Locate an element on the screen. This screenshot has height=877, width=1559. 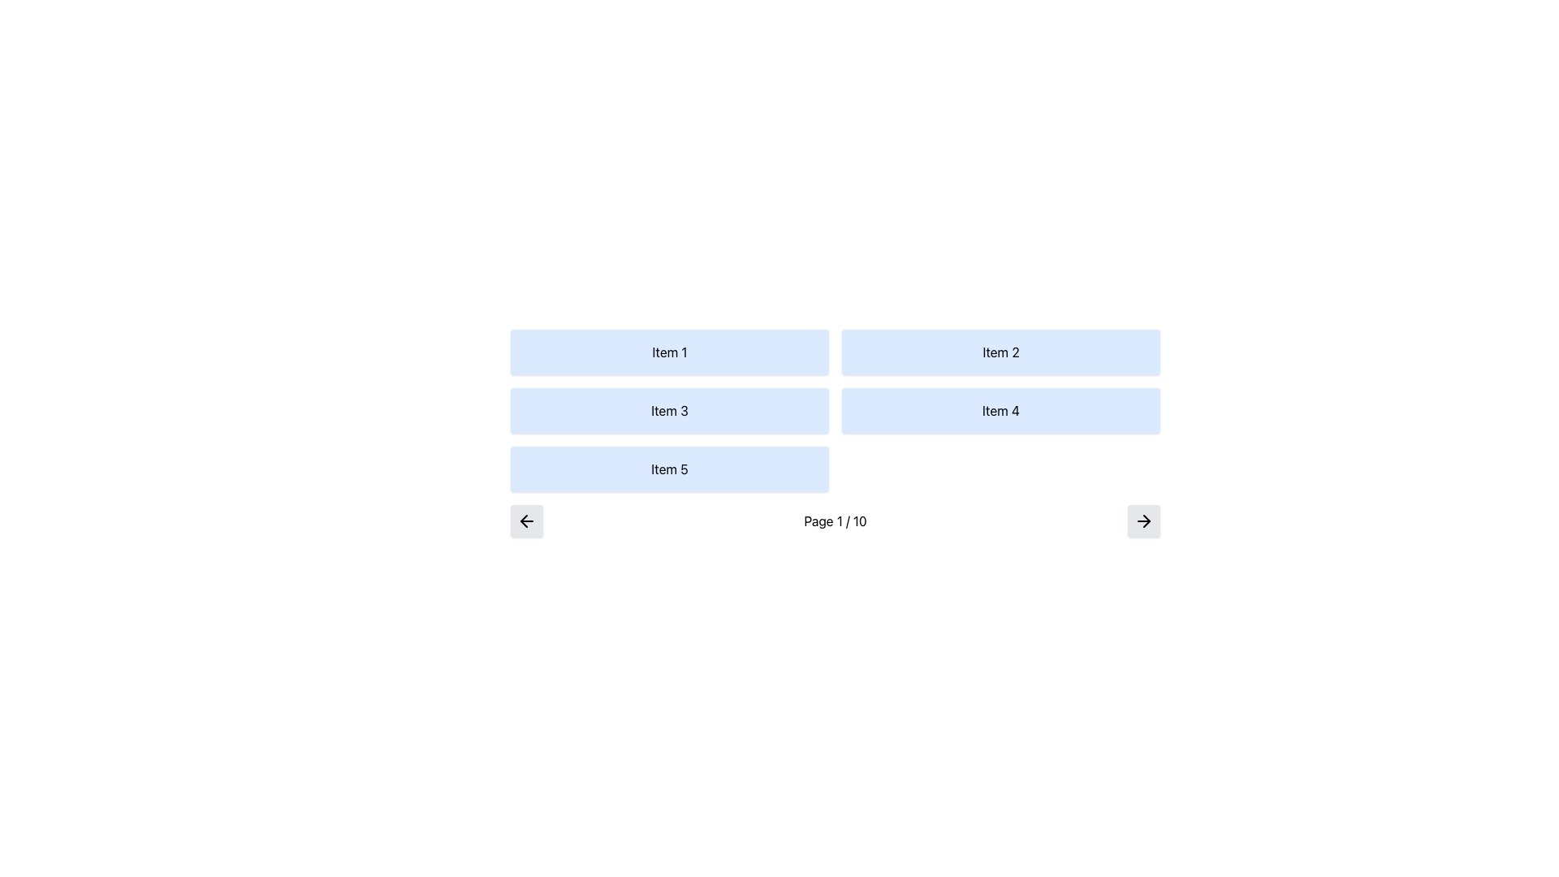
the rectangular button with a light gray background and a left-pointing arrow icon located at the far left inside the navigation bar to change its background color is located at coordinates (526, 521).